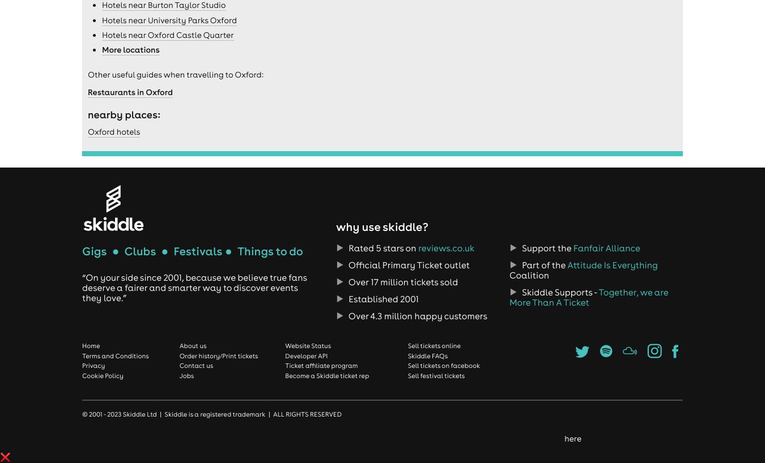  I want to click on 'We use cookies to make sure we give you the best experience possible. By continuing, you're accepting that you're happy with our cookie policy. Click', so click(282, 438).